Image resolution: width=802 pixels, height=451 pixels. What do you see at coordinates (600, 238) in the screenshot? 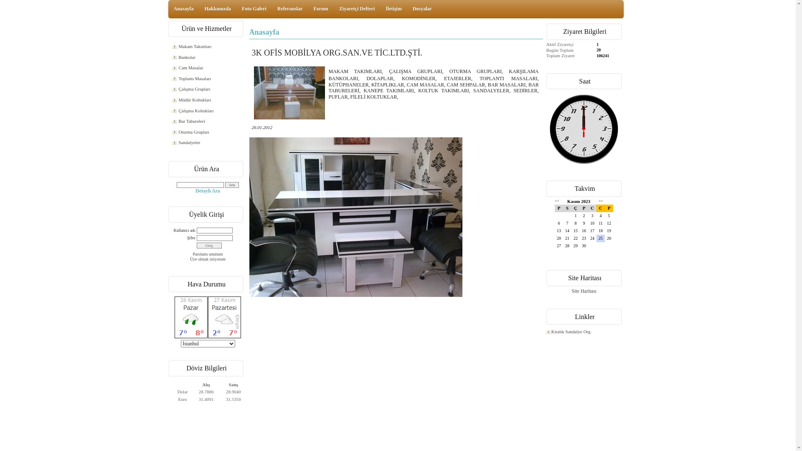
I see `'25'` at bounding box center [600, 238].